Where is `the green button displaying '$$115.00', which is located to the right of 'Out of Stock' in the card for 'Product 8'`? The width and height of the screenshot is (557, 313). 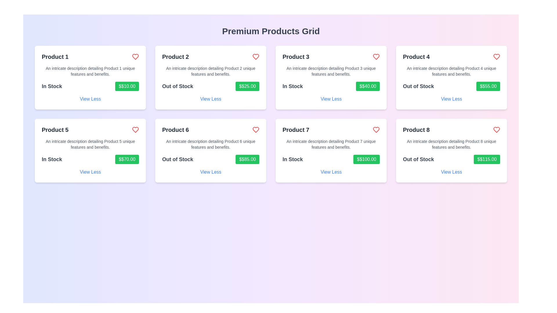 the green button displaying '$$115.00', which is located to the right of 'Out of Stock' in the card for 'Product 8' is located at coordinates (487, 159).